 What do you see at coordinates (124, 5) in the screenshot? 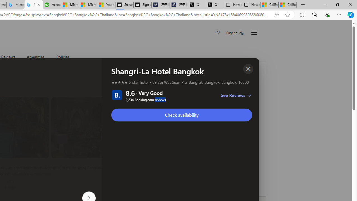
I see `'Streaming Coverage | T3'` at bounding box center [124, 5].